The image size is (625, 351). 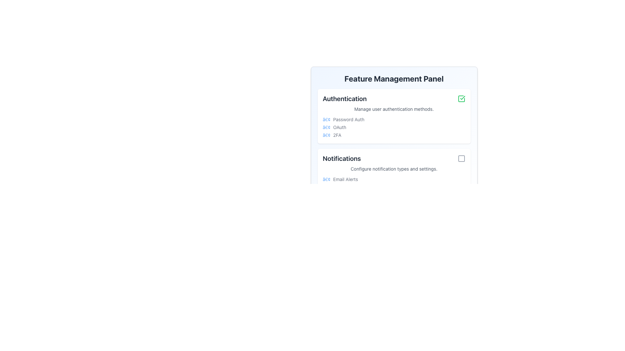 I want to click on the decorative indicator icon located in the top-right corner of the Notifications section within the Feature Management Panel, so click(x=461, y=159).